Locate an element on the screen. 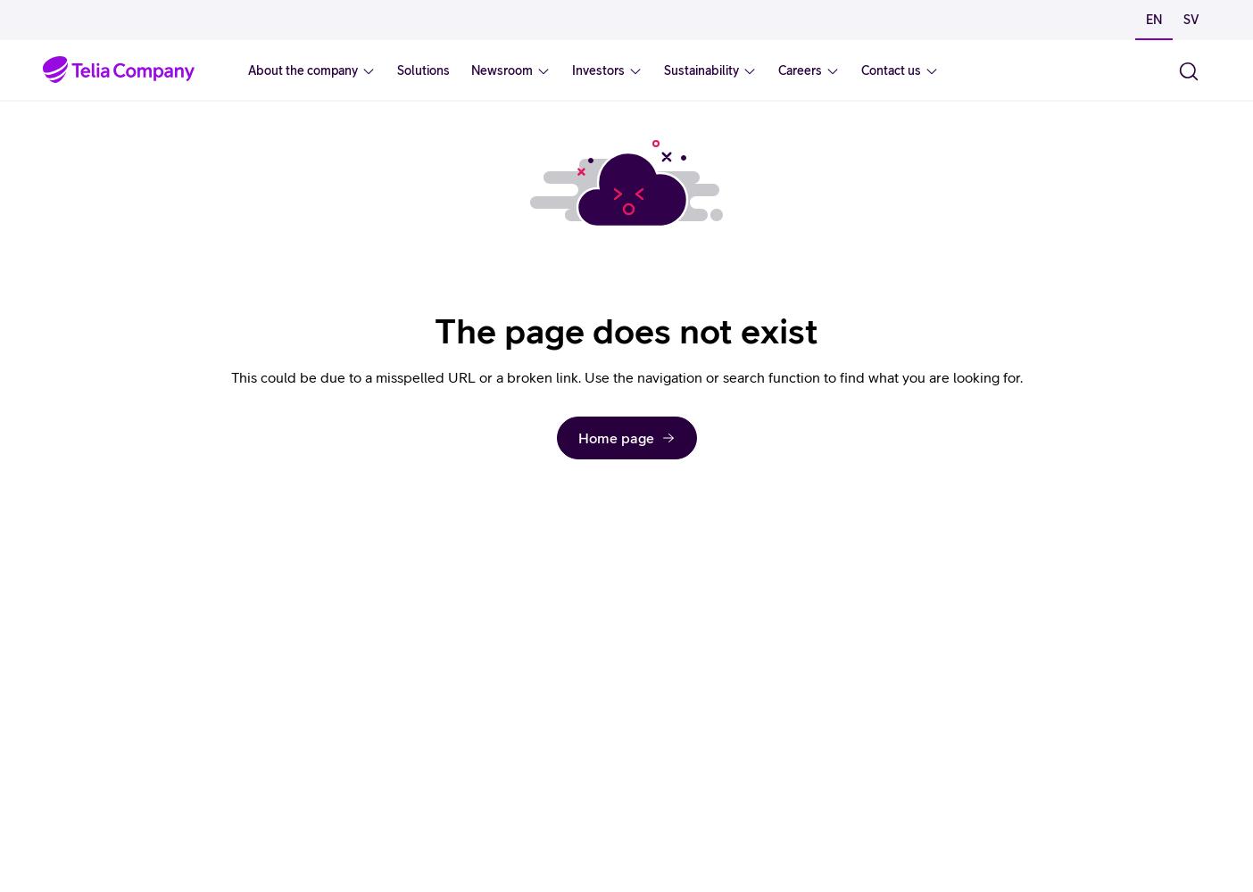  'This could be due to a misspelled URL or a broken link. Use the navigation or search function to find what you are looking for.' is located at coordinates (230, 377).